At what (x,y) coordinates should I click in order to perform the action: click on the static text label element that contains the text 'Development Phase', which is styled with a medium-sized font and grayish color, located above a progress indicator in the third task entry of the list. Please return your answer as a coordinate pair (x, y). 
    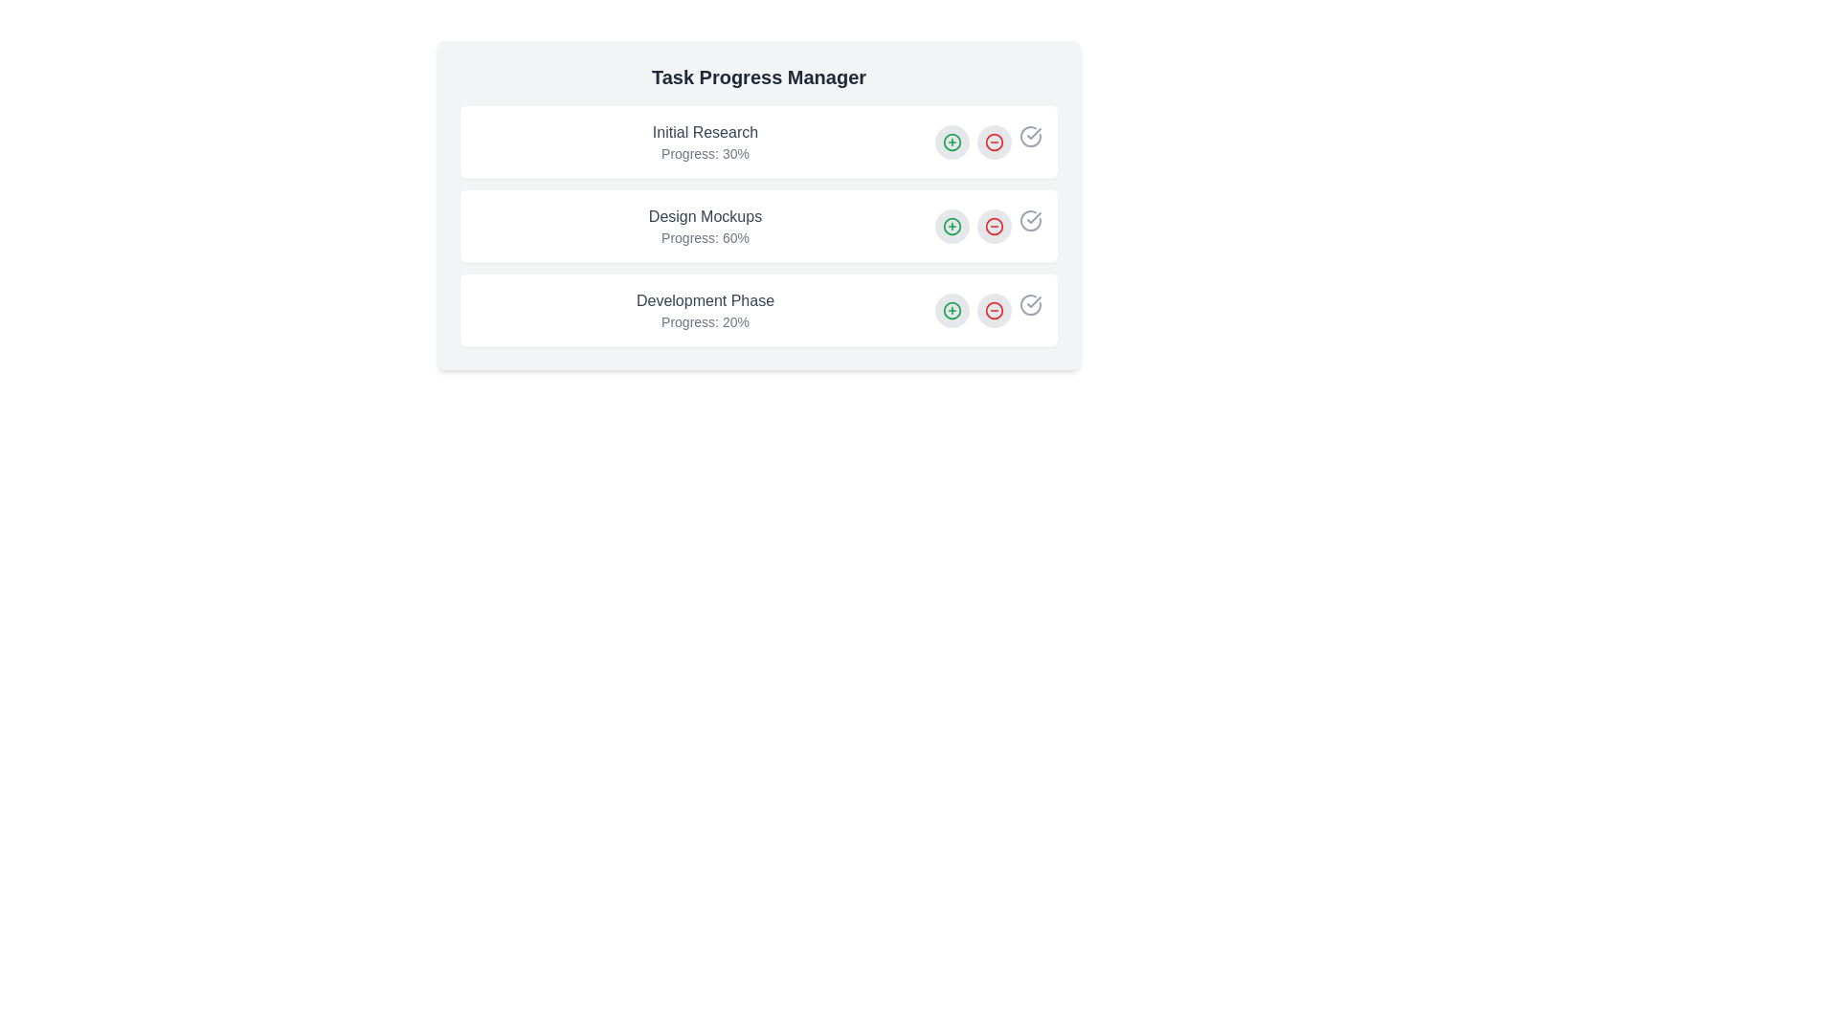
    Looking at the image, I should click on (705, 301).